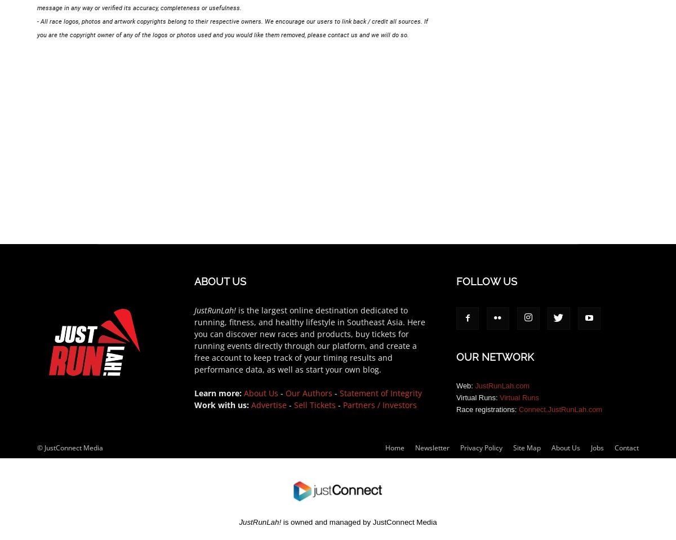 The image size is (676, 540). Describe the element at coordinates (380, 404) in the screenshot. I see `'Partners / Investors'` at that location.